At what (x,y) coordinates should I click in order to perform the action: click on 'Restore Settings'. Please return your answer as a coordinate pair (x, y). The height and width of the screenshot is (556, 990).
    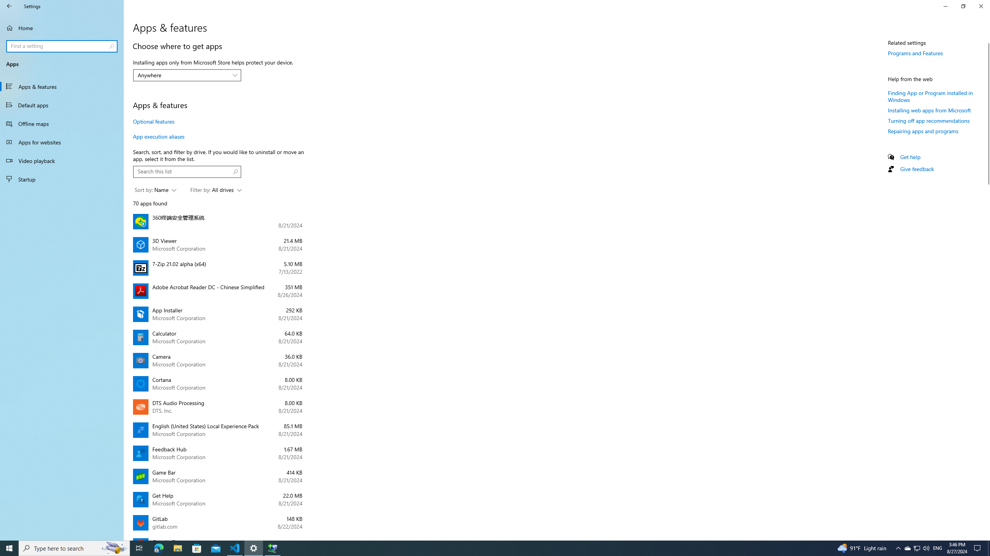
    Looking at the image, I should click on (963, 6).